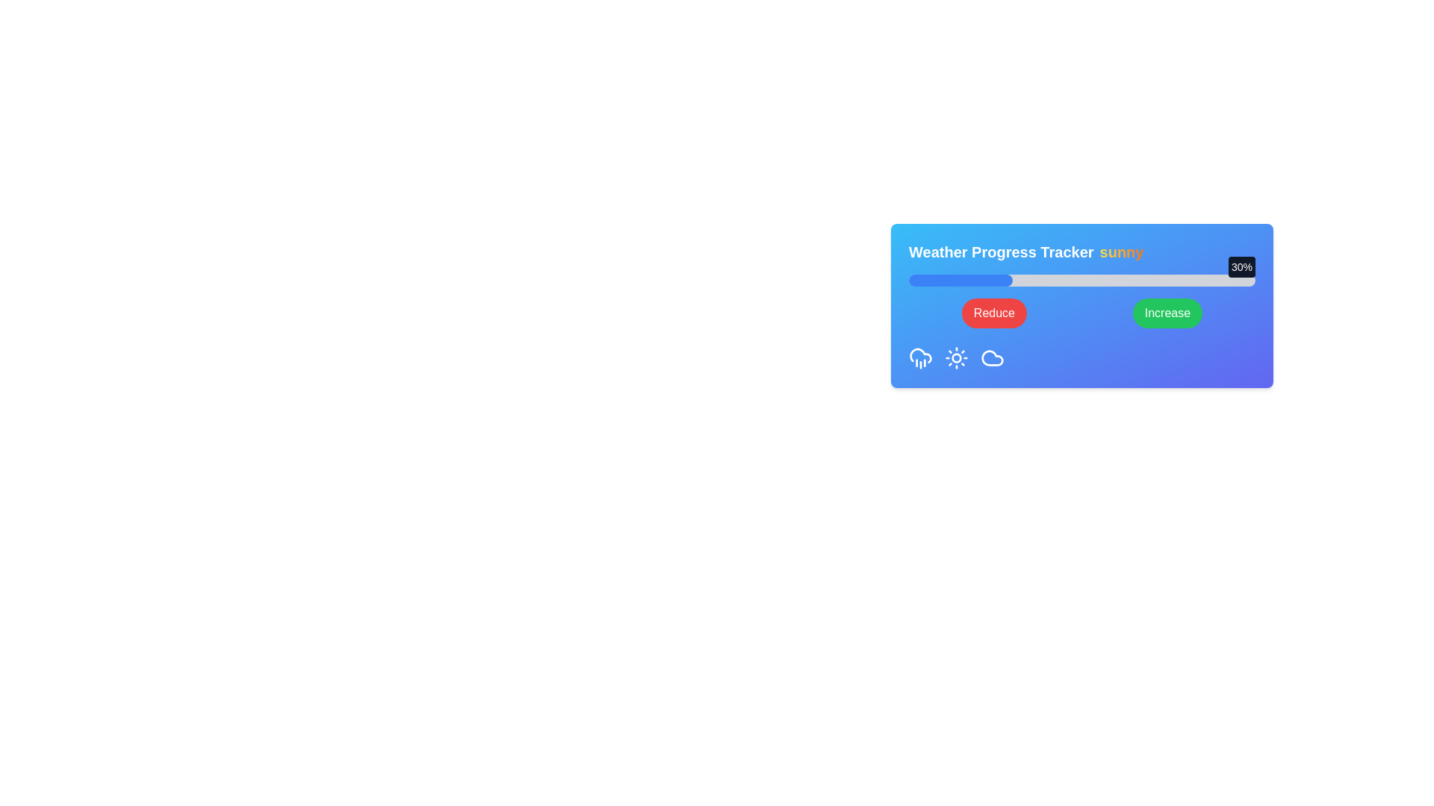 Image resolution: width=1434 pixels, height=806 pixels. I want to click on the filled portion of the progress bar which visually represents 30% completion of the task, so click(960, 280).